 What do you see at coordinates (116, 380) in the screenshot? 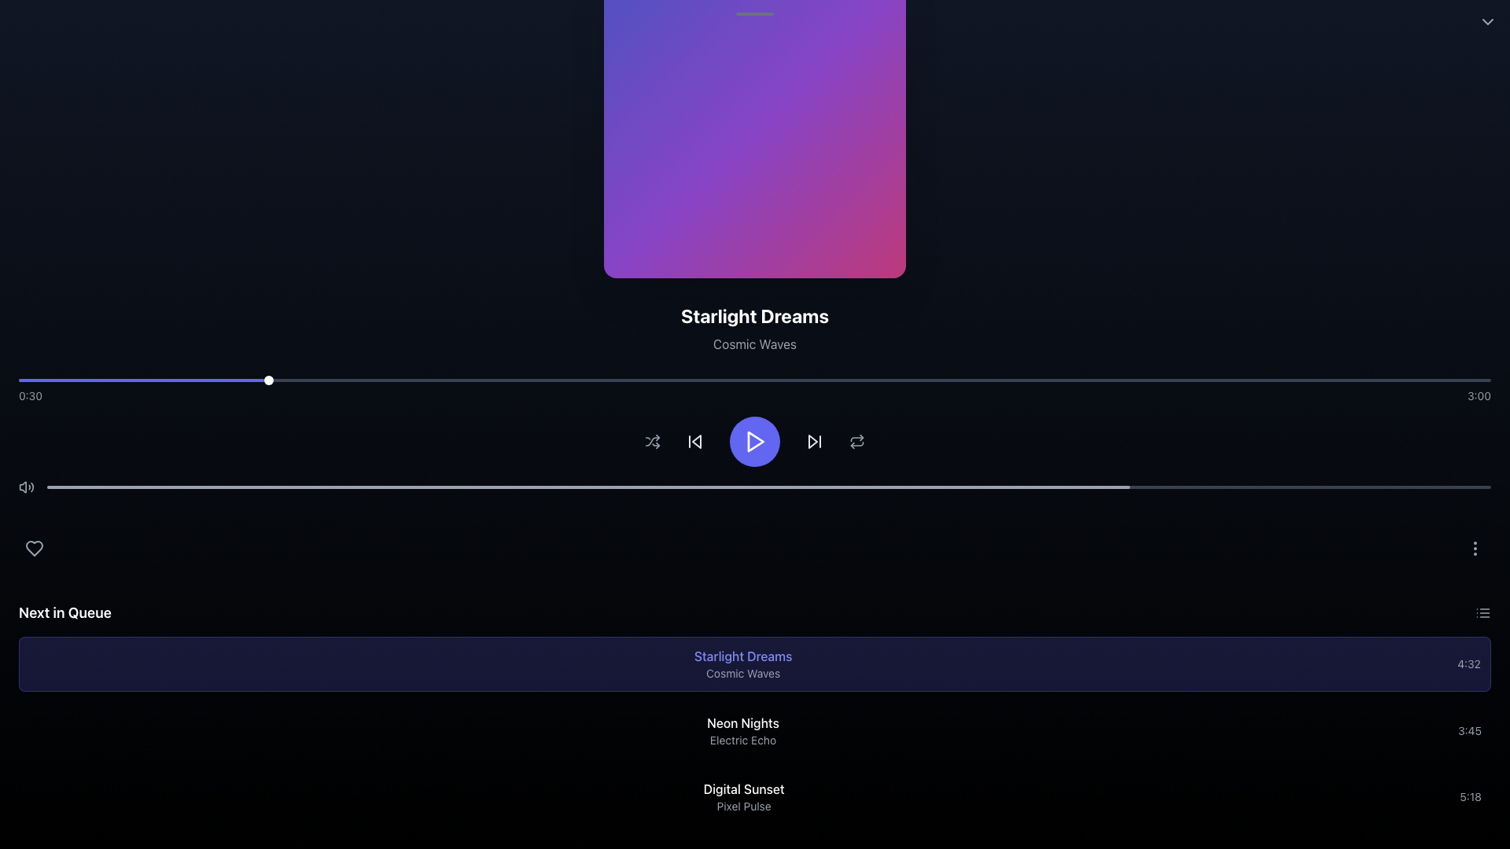
I see `playback position` at bounding box center [116, 380].